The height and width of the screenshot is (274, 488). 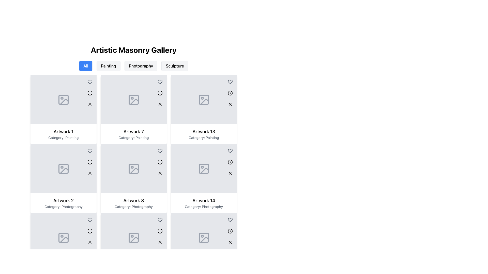 I want to click on the information icon located centrally in the 'Artwork 13' section, so click(x=230, y=162).